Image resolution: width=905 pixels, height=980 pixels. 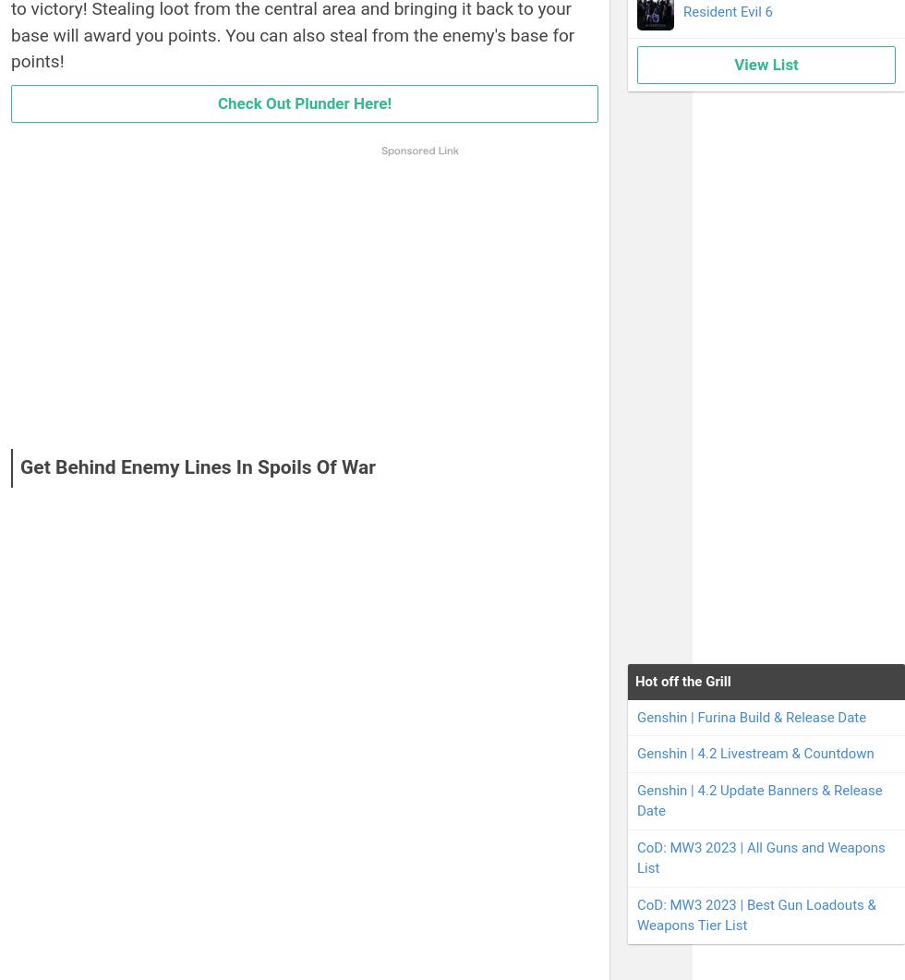 I want to click on 'Check Out Plunder Here!', so click(x=217, y=102).